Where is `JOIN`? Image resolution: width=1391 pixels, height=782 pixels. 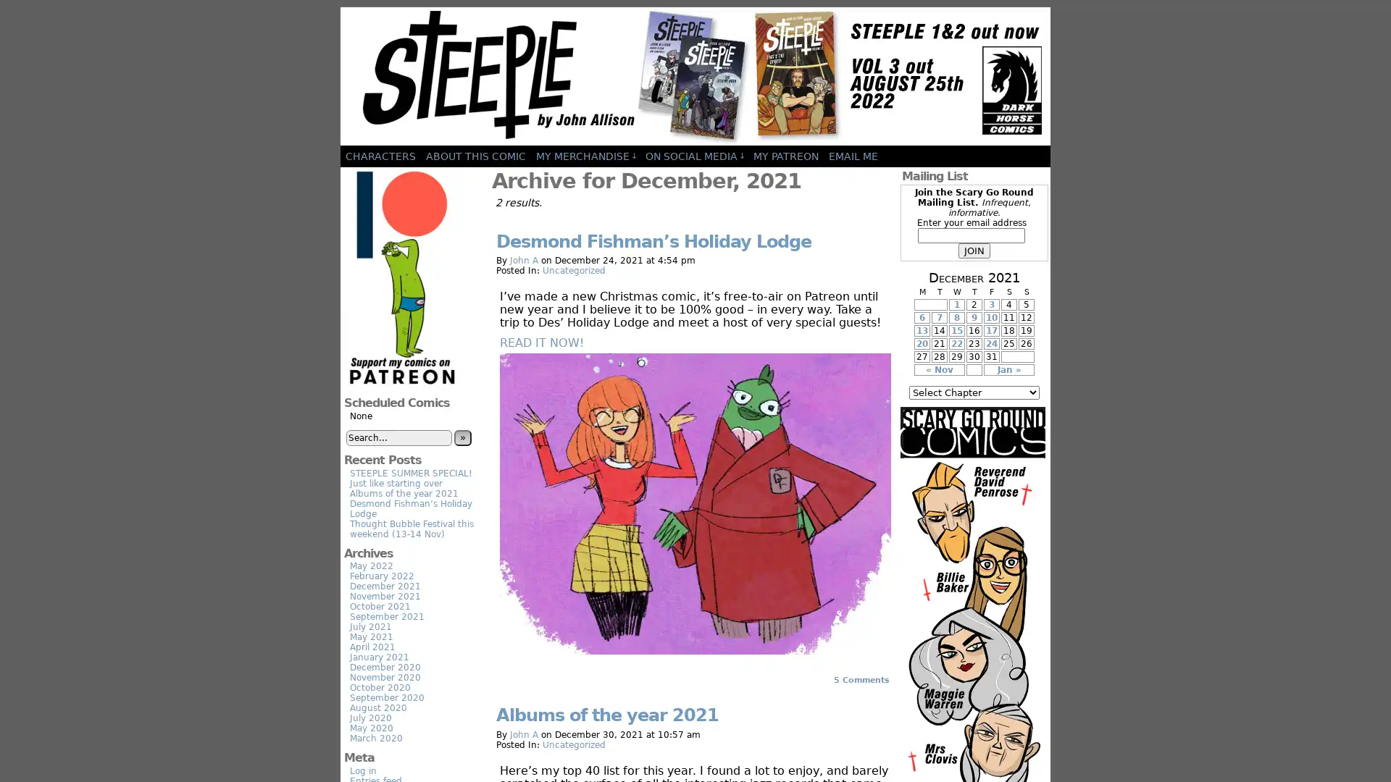
JOIN is located at coordinates (974, 249).